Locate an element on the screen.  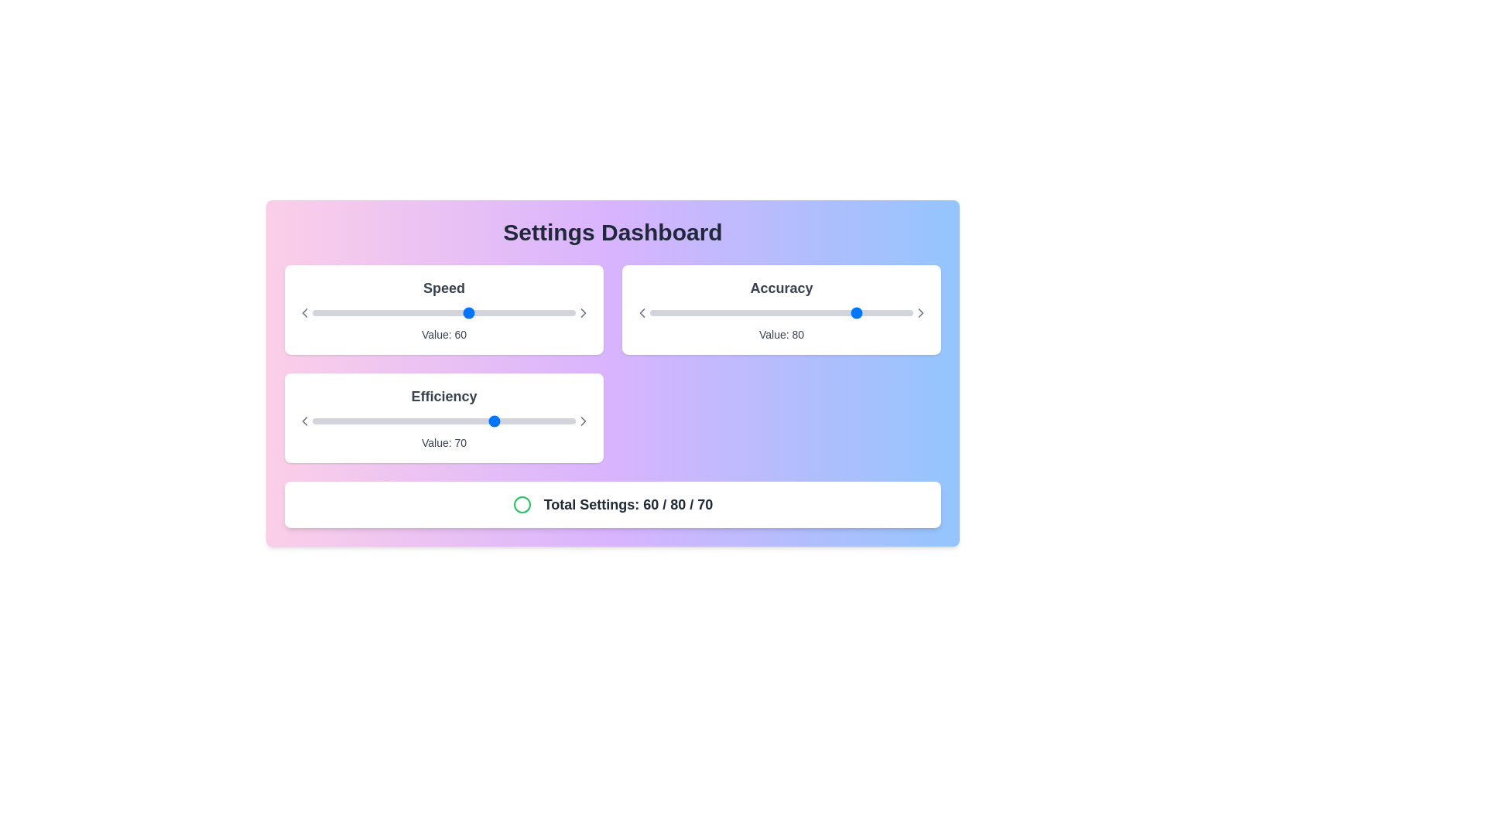
the left-pointing chevron arrow icon in the 'Efficiency' section to decrease the Efficiency setting value is located at coordinates (304, 421).